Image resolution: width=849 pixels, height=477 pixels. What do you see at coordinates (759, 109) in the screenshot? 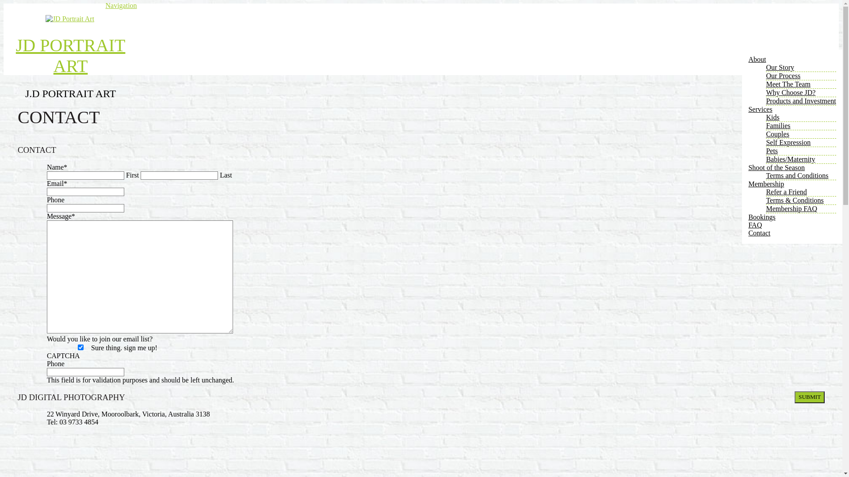
I see `'Services'` at bounding box center [759, 109].